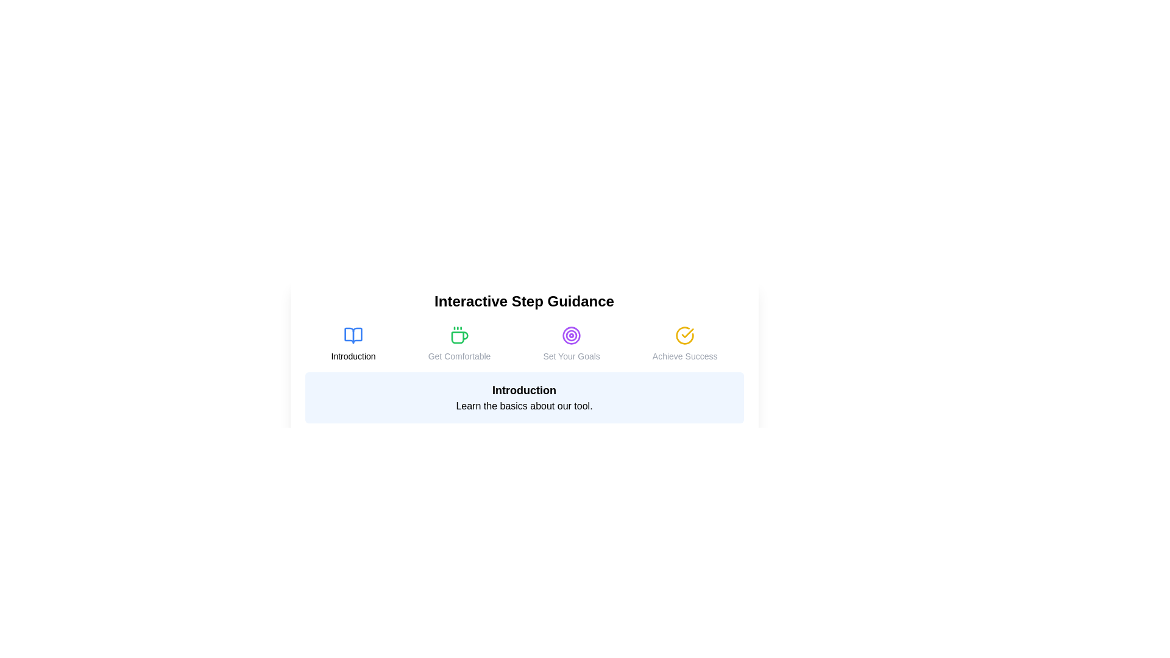  What do you see at coordinates (353, 336) in the screenshot?
I see `the blue outlined icon representing an open book, which is the first icon in a step-by-step navigation interface located above the text label 'Introduction'` at bounding box center [353, 336].